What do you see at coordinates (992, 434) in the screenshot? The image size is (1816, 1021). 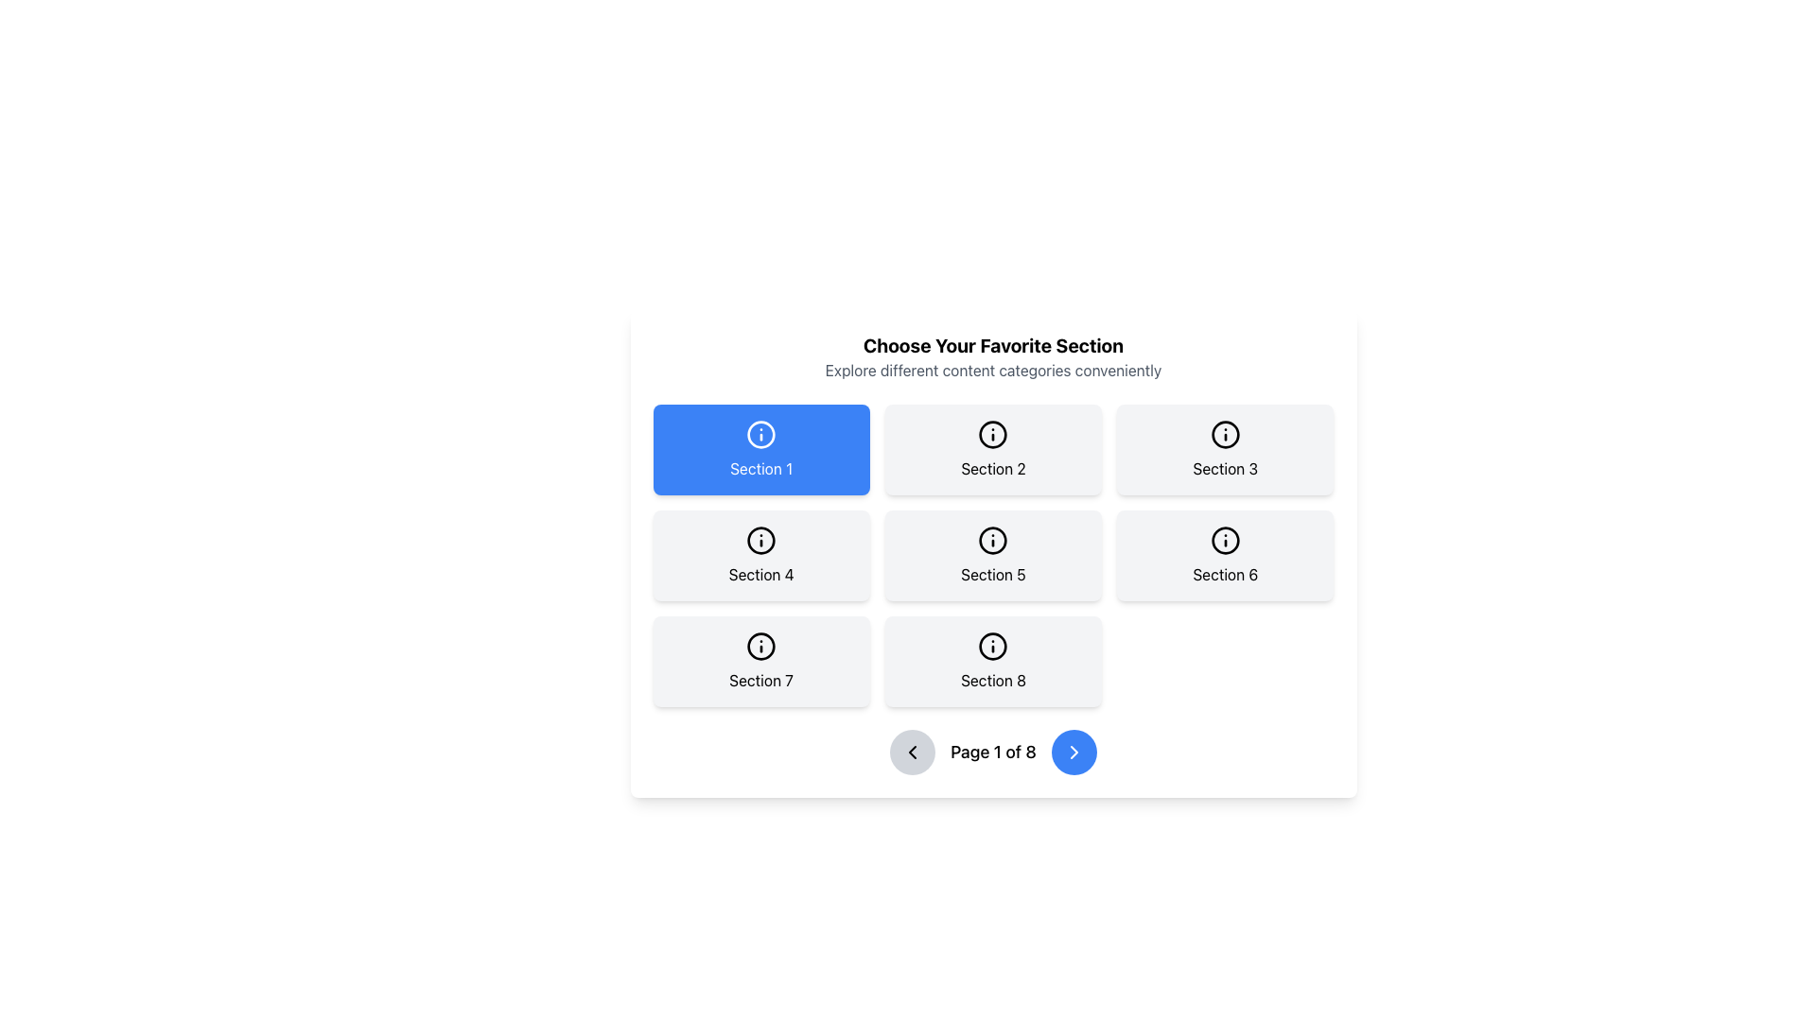 I see `the information icon located in the center of the 'Section 2' card, which features a minimalistic design with a lowercase 'i' symbol inside a circular border` at bounding box center [992, 434].